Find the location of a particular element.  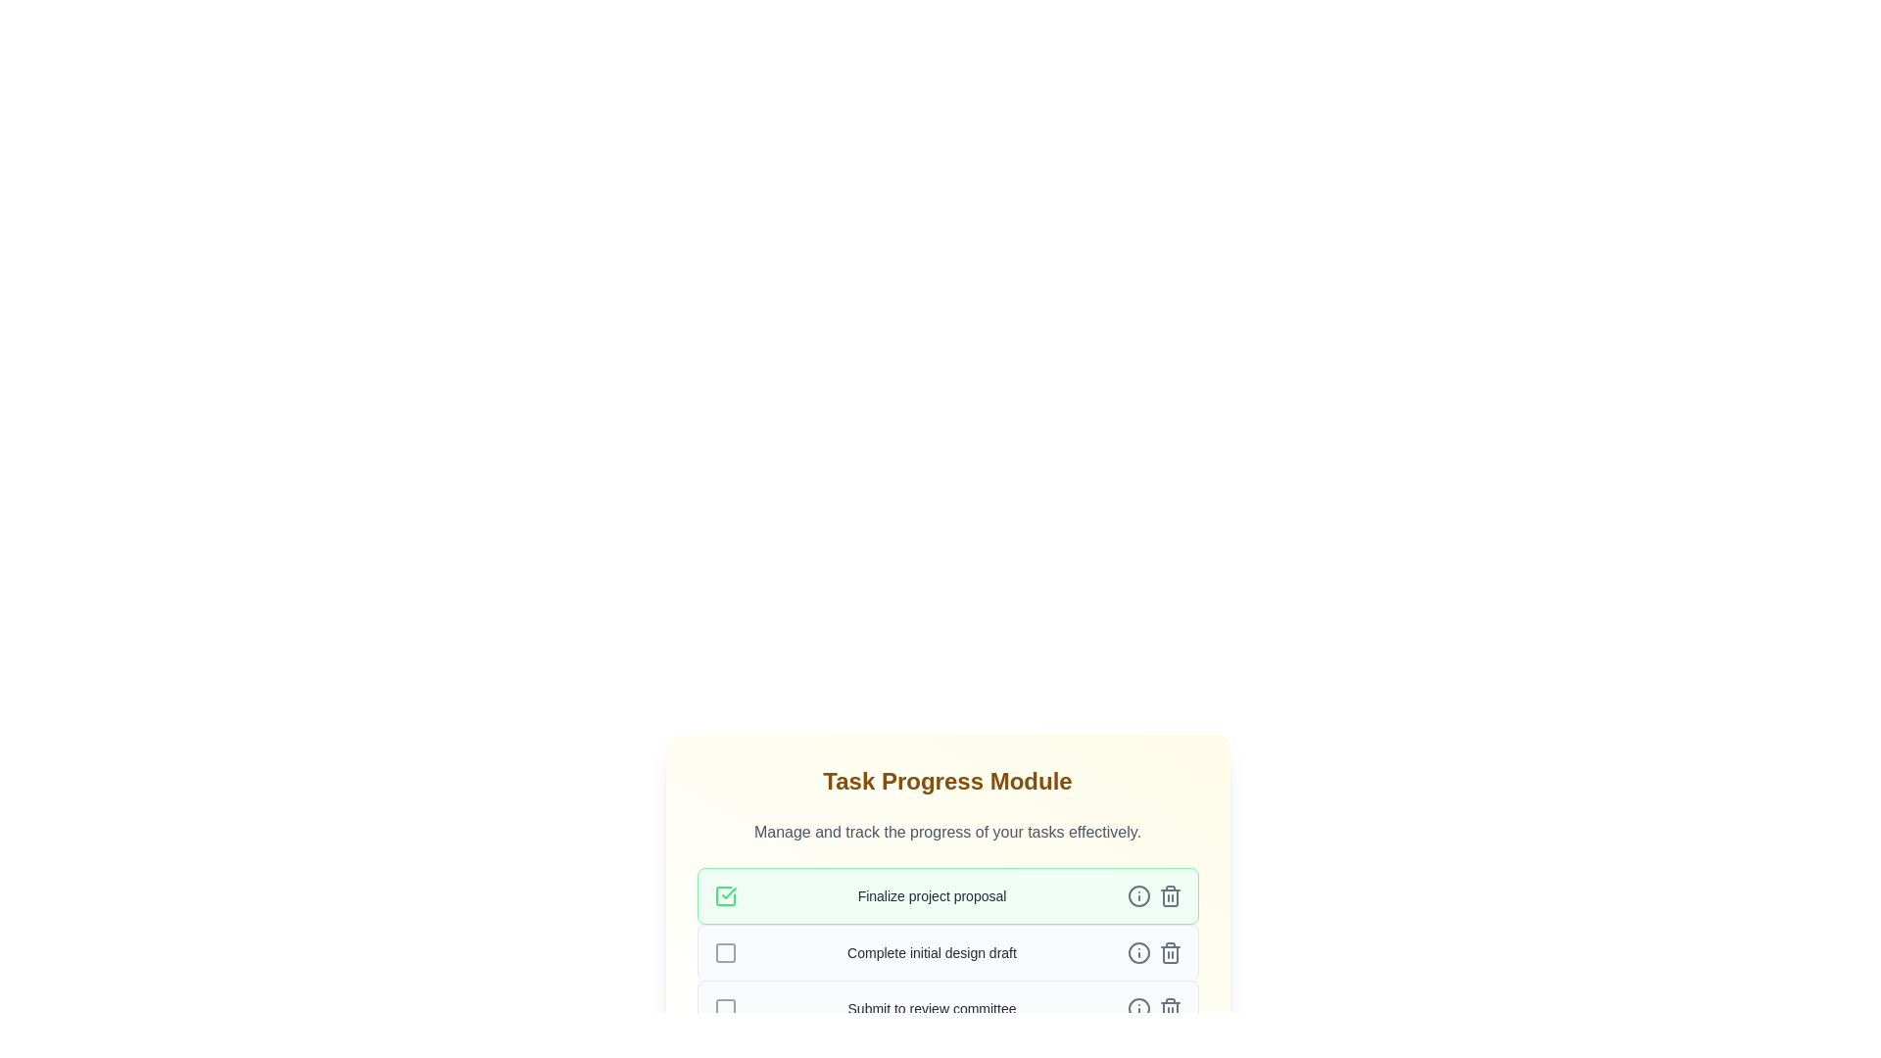

the informational icon located to the right of the task title 'Finalize project proposal' and before the trash icon by moving the cursor to its center is located at coordinates (1138, 895).